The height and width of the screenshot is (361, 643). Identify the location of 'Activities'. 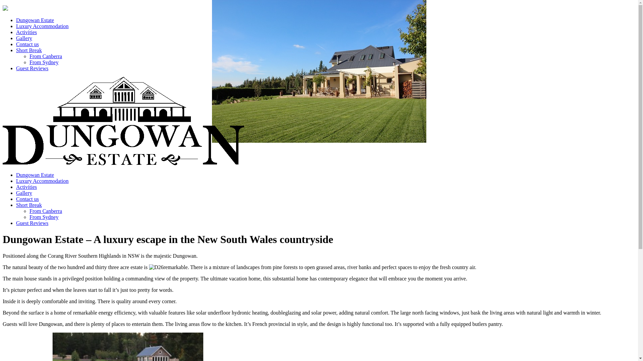
(26, 187).